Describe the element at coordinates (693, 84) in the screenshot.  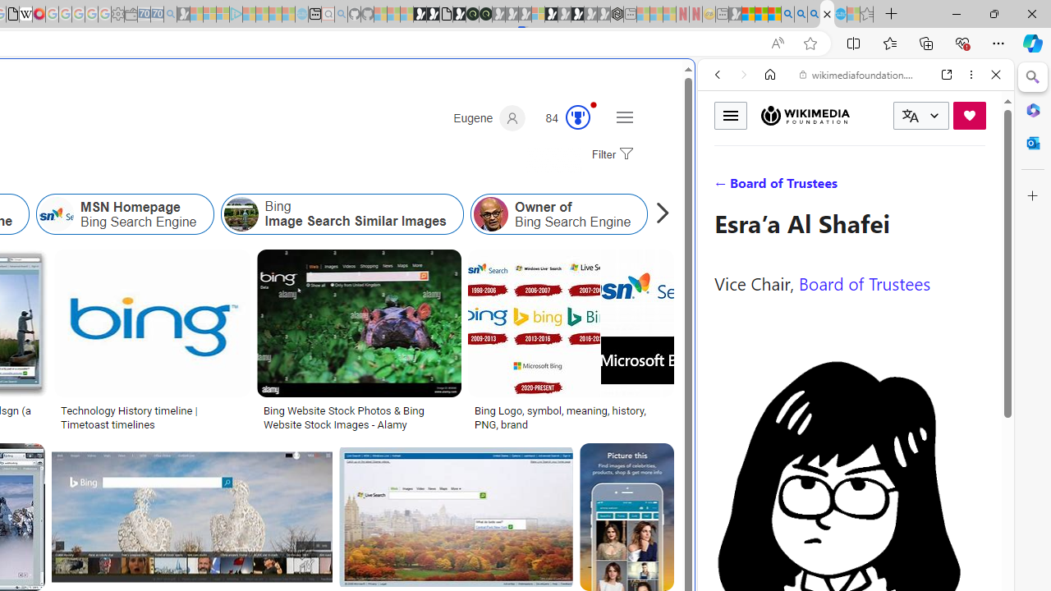
I see `'Close split screen'` at that location.